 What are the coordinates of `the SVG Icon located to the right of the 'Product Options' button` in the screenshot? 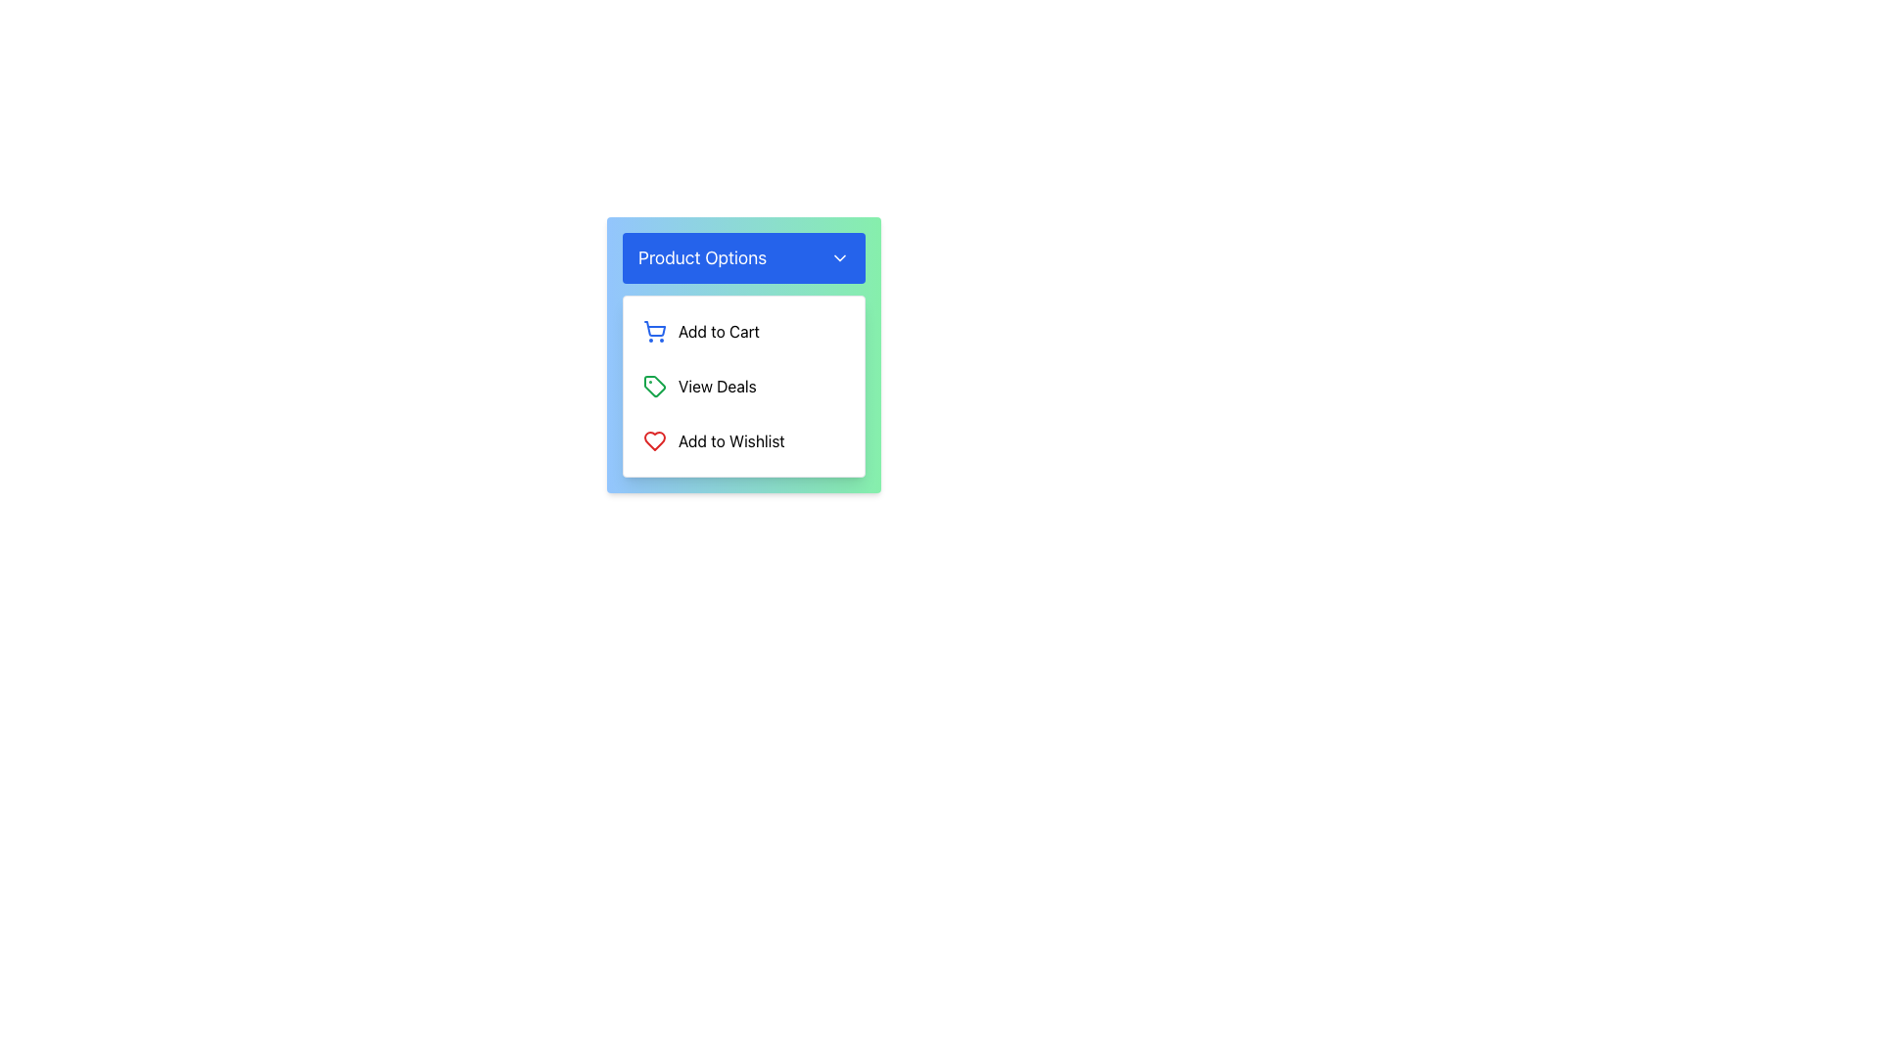 It's located at (840, 256).